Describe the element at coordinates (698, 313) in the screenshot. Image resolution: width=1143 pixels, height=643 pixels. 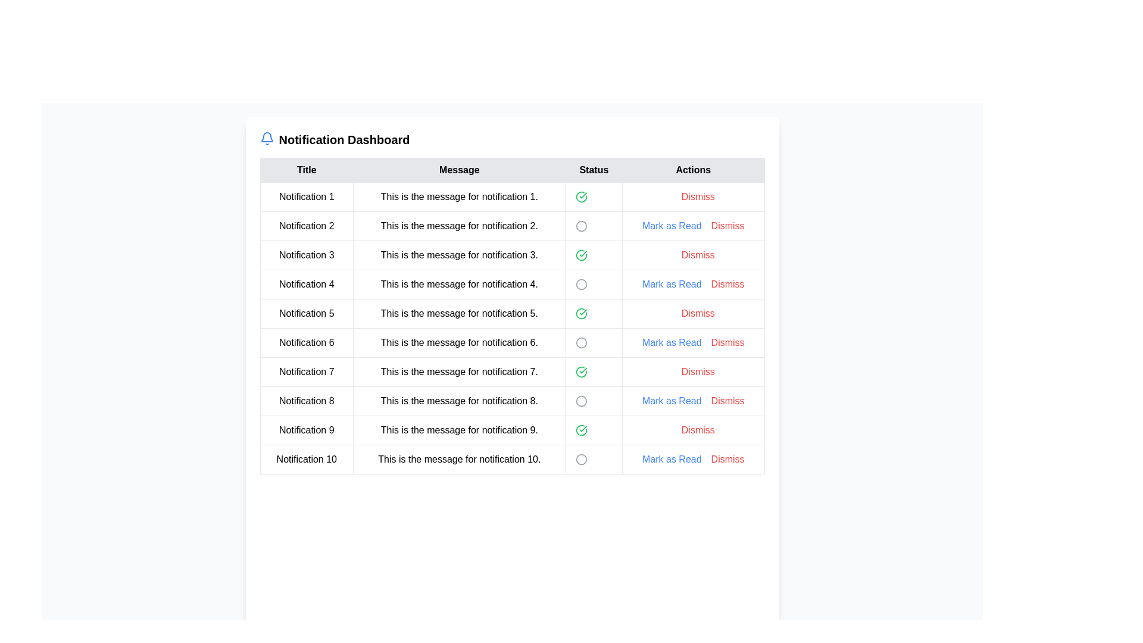
I see `the interactive text link in the fifth row under the 'Actions' column to underline it, which dismisses the corresponding notification message 'This is the message for notification 5'` at that location.